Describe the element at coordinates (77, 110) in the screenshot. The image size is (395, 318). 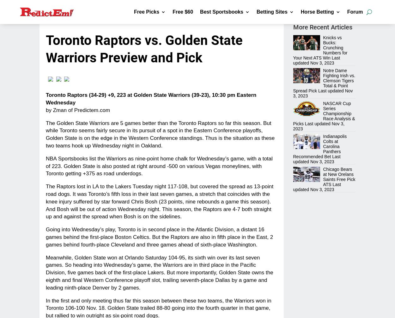
I see `'by Zman of Predictem.com'` at that location.